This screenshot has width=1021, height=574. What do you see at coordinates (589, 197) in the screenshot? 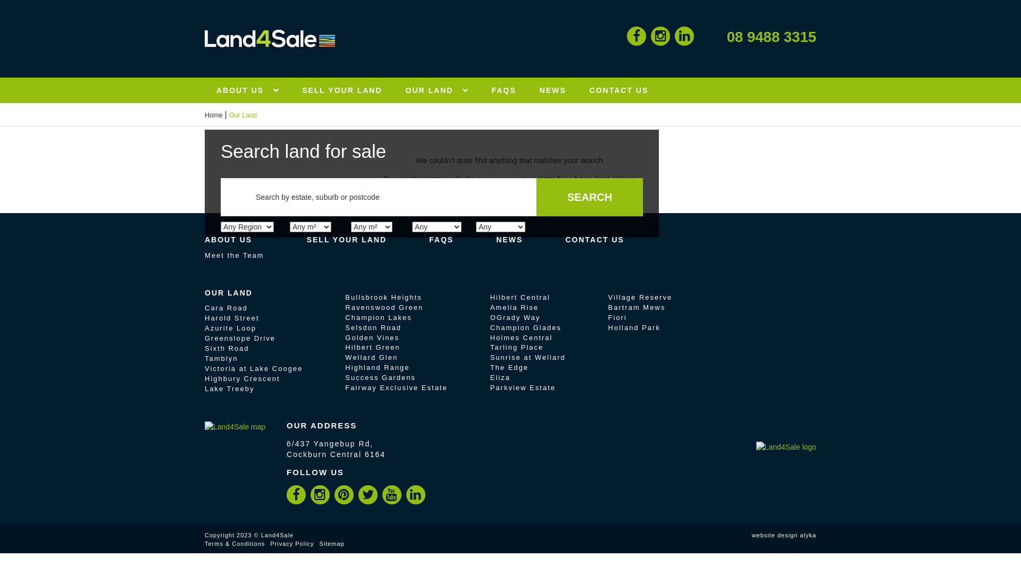
I see `'Search'` at bounding box center [589, 197].